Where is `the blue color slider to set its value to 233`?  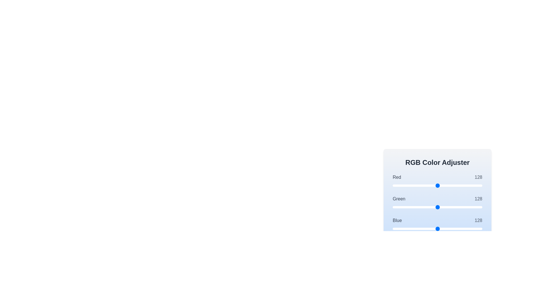
the blue color slider to set its value to 233 is located at coordinates (474, 229).